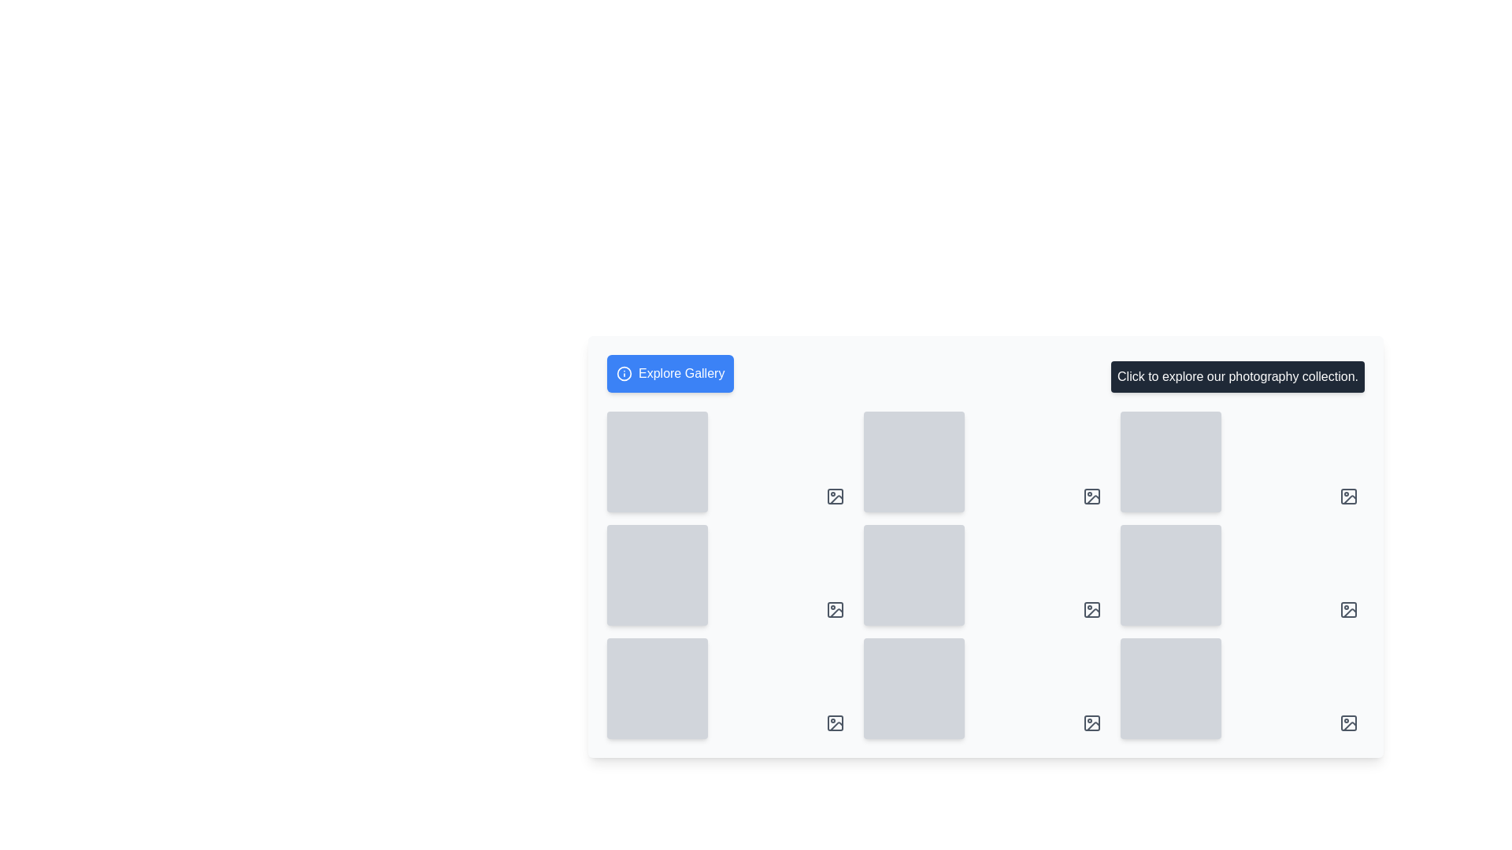 The width and height of the screenshot is (1512, 850). Describe the element at coordinates (834, 722) in the screenshot. I see `the Rectangle SVG element located in the bottom-right corner of the grid of small icons, which represents a tool or action related to an image placeholder` at that location.